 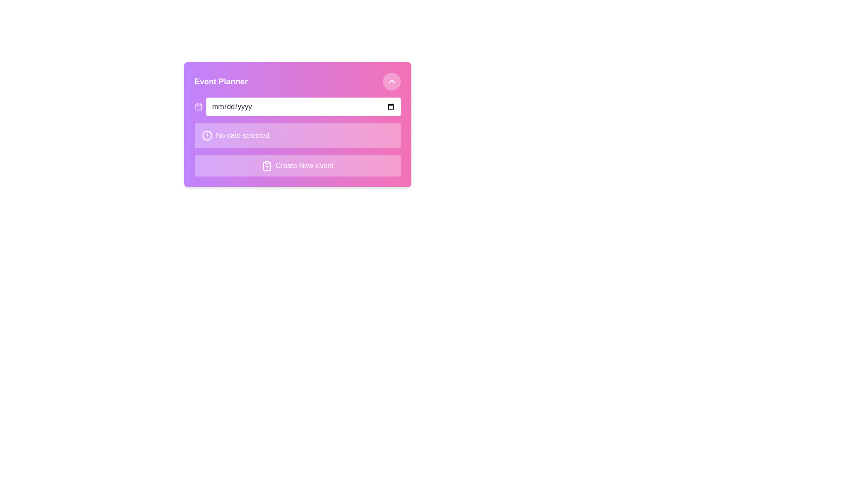 What do you see at coordinates (297, 135) in the screenshot?
I see `the second highlighted Status Indicator that displays a notification for no date selected` at bounding box center [297, 135].